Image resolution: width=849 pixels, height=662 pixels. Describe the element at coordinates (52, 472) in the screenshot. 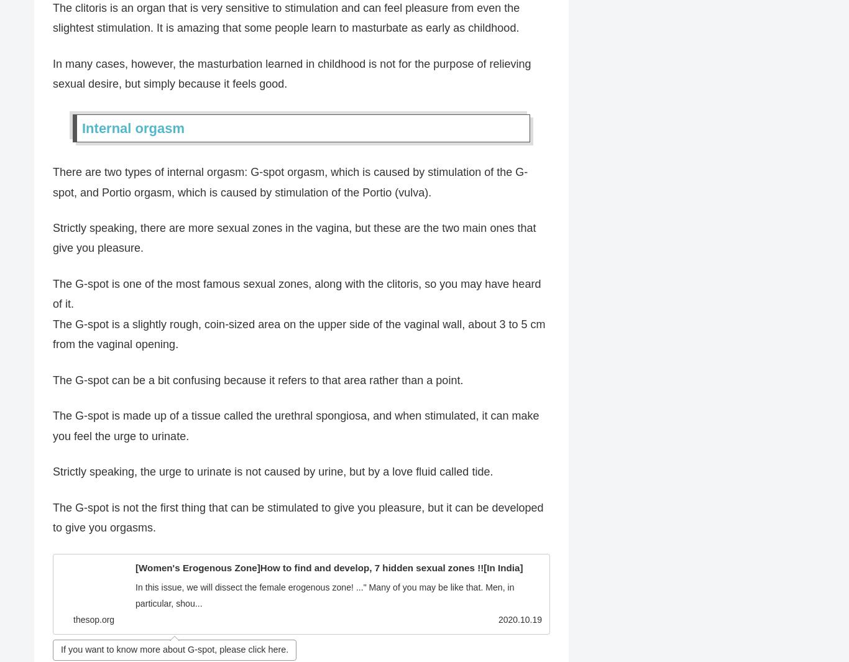

I see `'Strictly speaking, the urge to urinate is not caused by urine, but by a love fluid called tide.'` at that location.